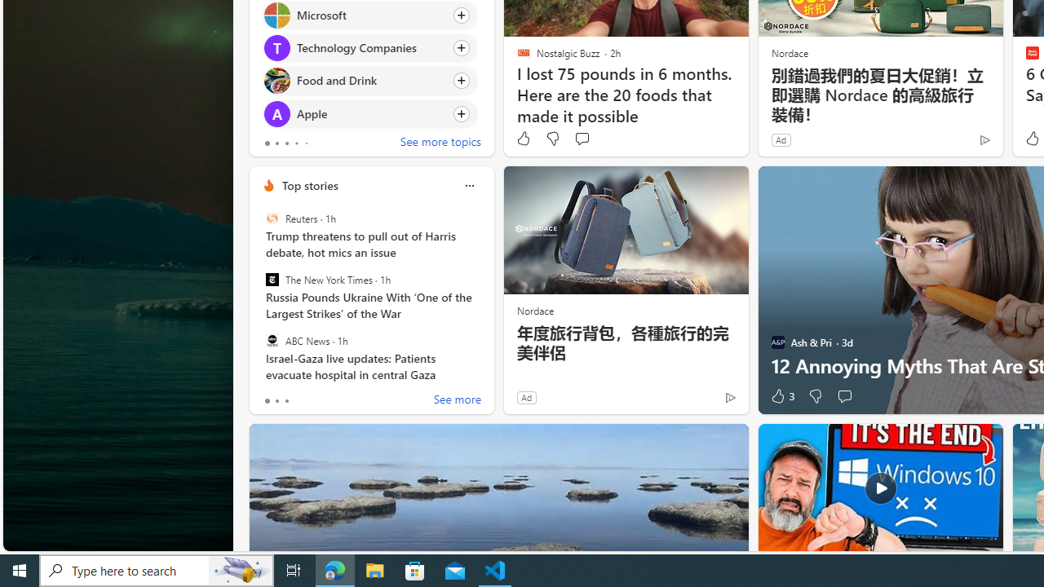 The image size is (1044, 587). I want to click on 'Click to follow topic Microsoft', so click(369, 15).